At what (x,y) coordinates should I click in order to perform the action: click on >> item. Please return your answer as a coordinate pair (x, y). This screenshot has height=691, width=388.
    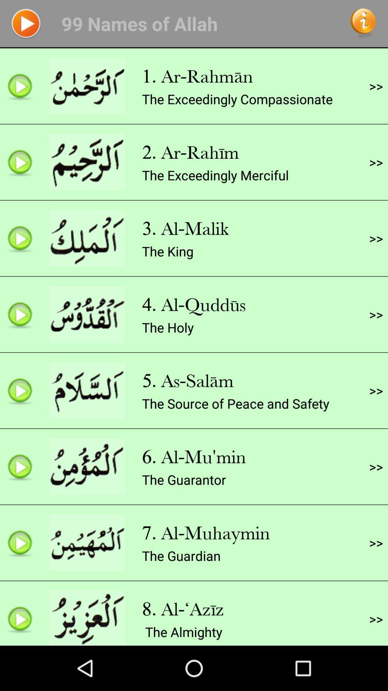
    Looking at the image, I should click on (375, 86).